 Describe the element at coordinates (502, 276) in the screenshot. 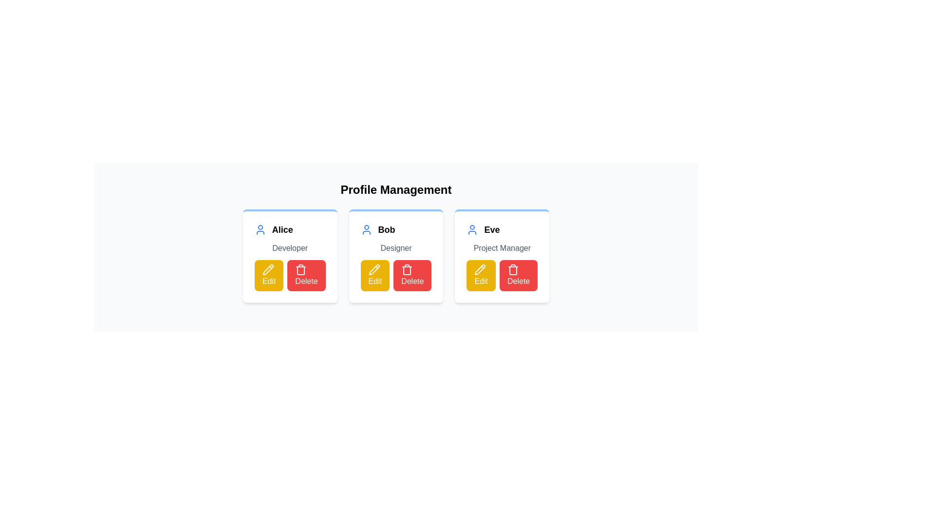

I see `the 'Edit' button in the button group for 'Eve - Project Manager' to enter edit mode` at that location.